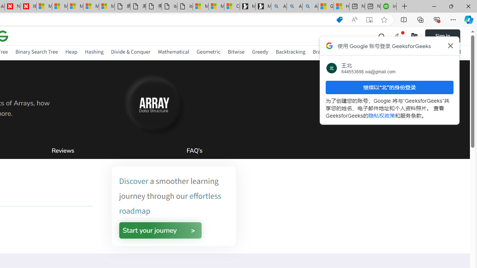  I want to click on 'itconcepthk.com/projector_solutions.mp4', so click(185, 6).